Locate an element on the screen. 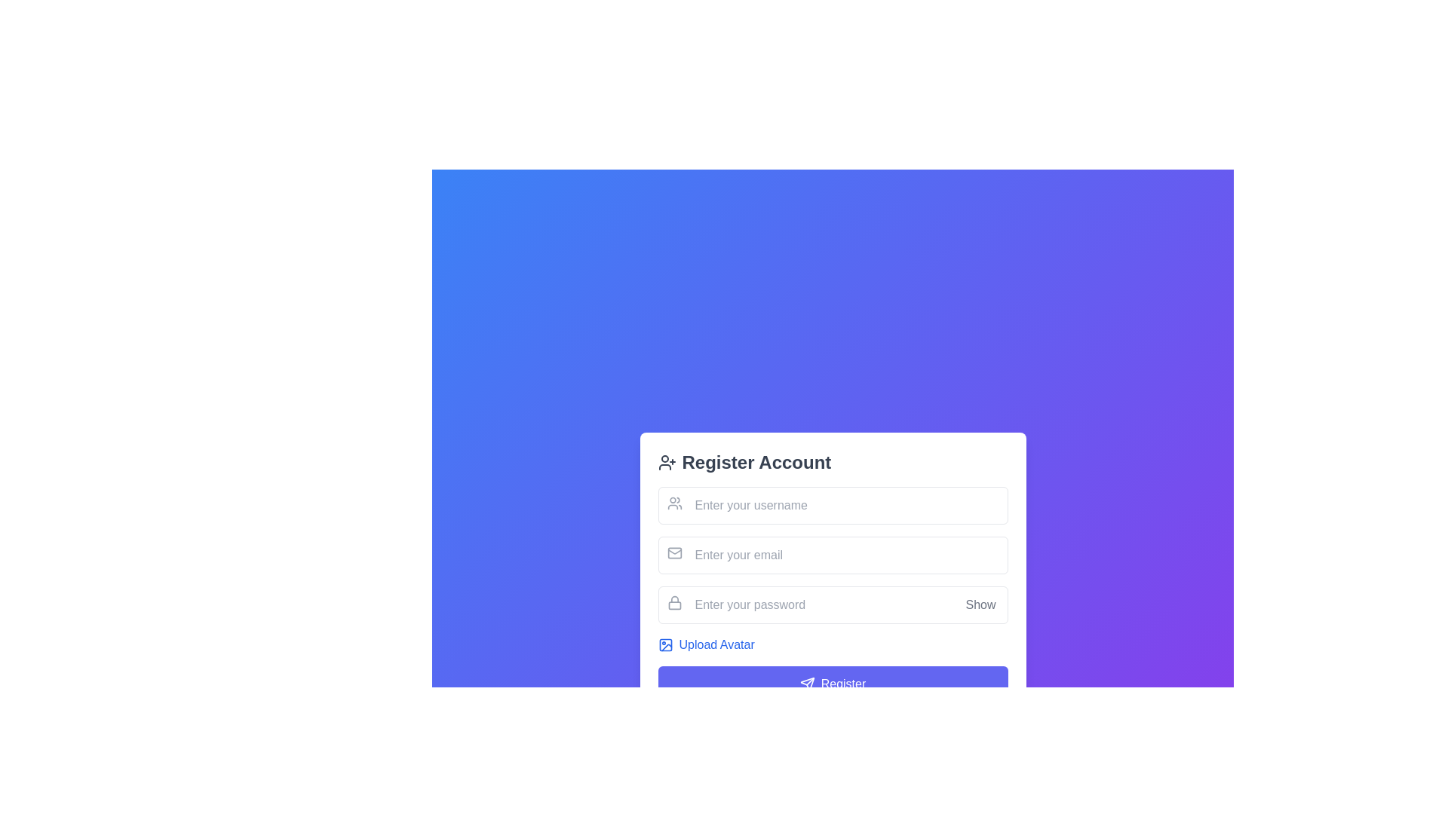  the decorative icon (SVG graphic) located at the center-left side of the blue 'Register' button is located at coordinates (806, 684).